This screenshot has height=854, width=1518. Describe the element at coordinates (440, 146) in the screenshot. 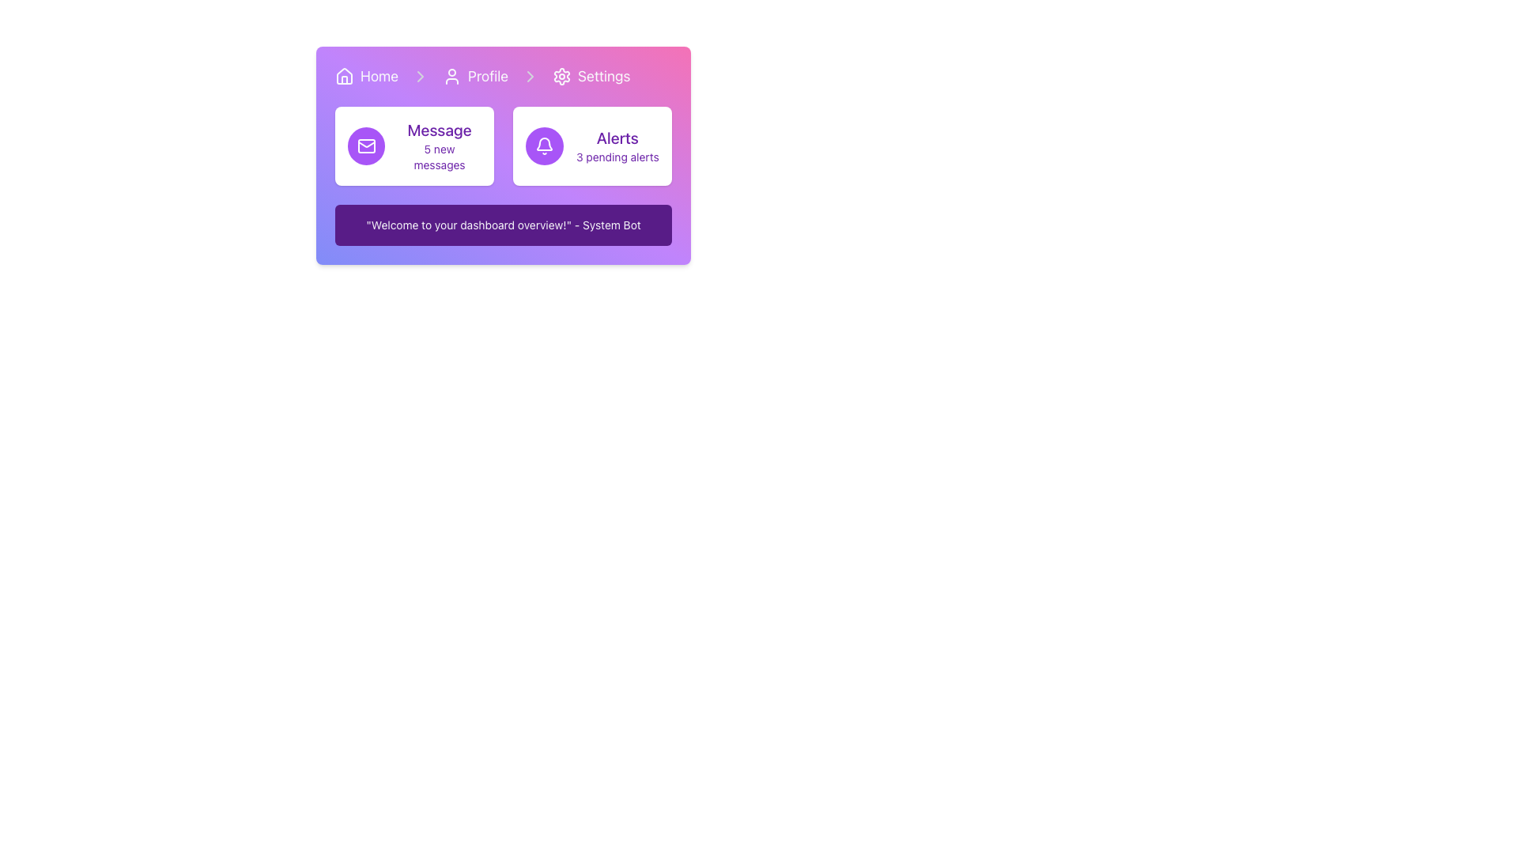

I see `the notification summary text label indicating there are 5 new messages, located within a card structure to the left of the 'Alerts' card` at that location.